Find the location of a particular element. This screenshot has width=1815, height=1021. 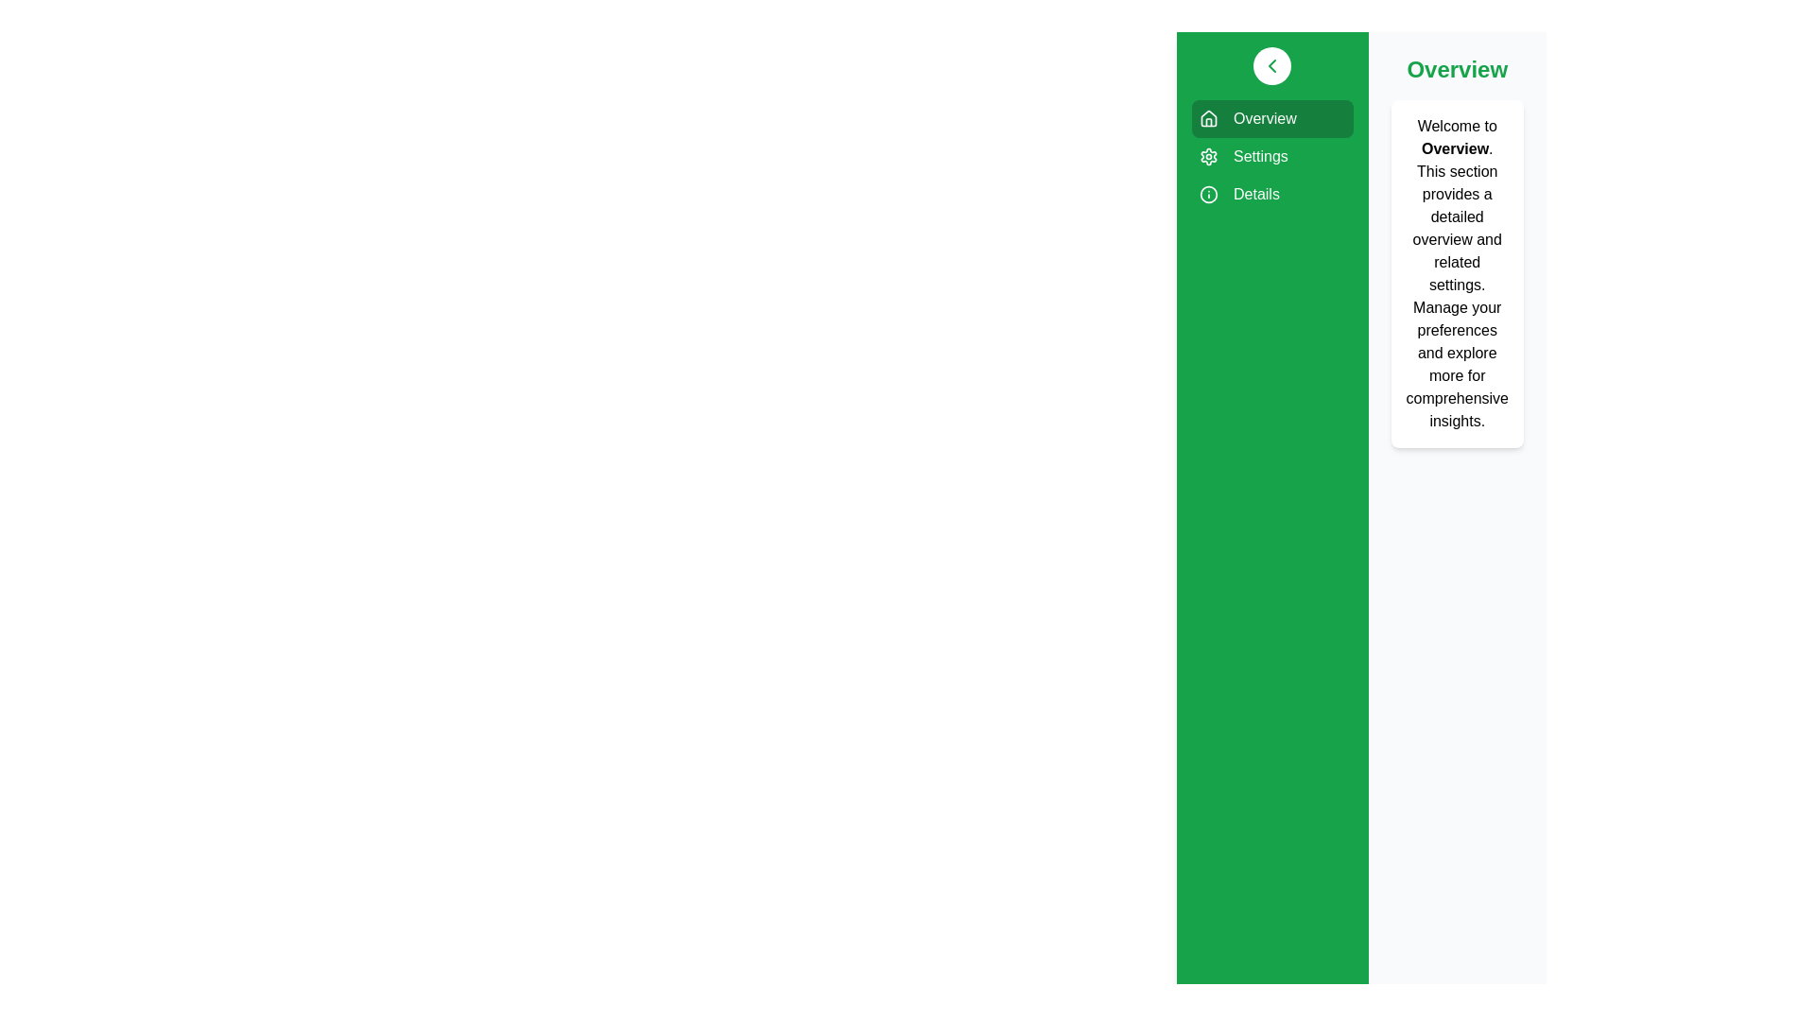

the sidebar item labeled Overview to visualize its hover effect is located at coordinates (1272, 119).